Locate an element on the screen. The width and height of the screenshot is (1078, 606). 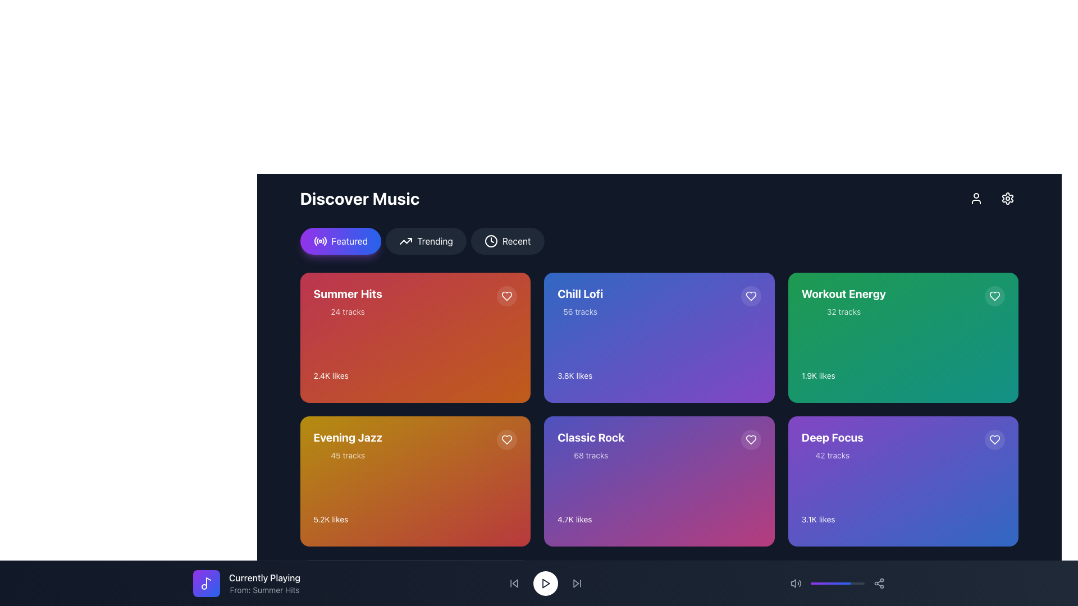
the UI display component that shows the currently playing track and its source playlist or album is located at coordinates (246, 583).